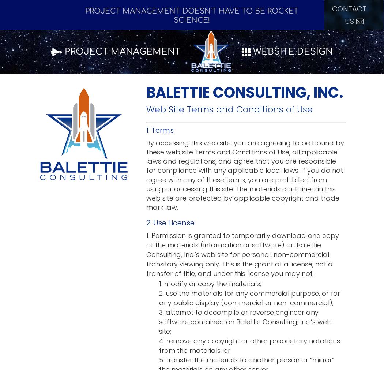 The height and width of the screenshot is (370, 384). Describe the element at coordinates (244, 92) in the screenshot. I see `'Balettie Consulting, Inc.'` at that location.